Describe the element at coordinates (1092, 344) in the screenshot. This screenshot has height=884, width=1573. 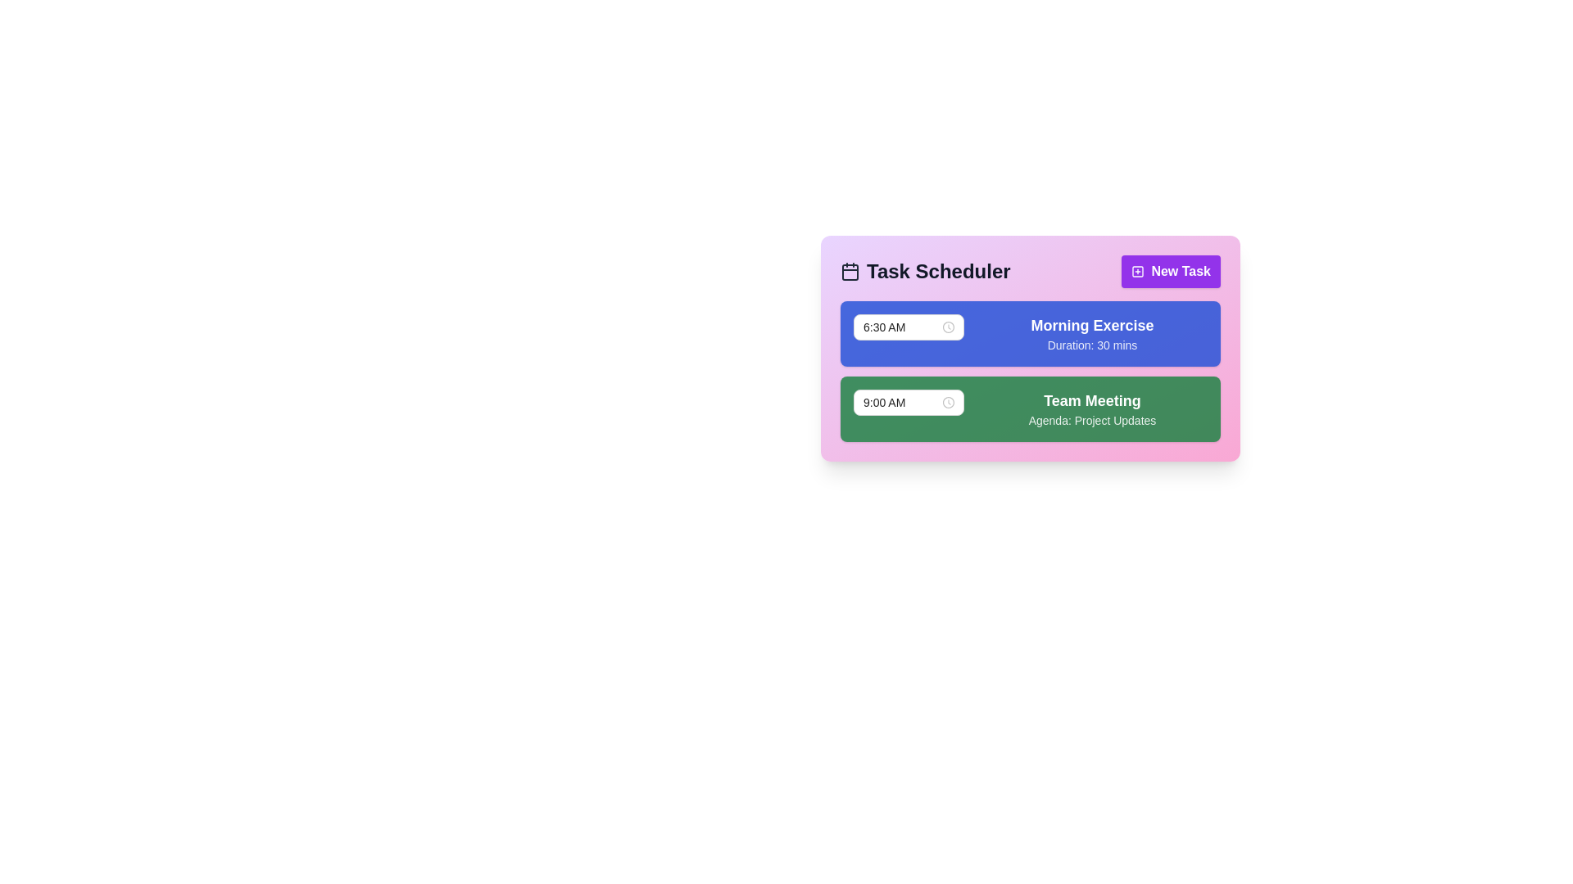
I see `the static text element displaying 'Duration: 30 mins', which is positioned directly below the 'Morning Exercise' title within a blue background` at that location.